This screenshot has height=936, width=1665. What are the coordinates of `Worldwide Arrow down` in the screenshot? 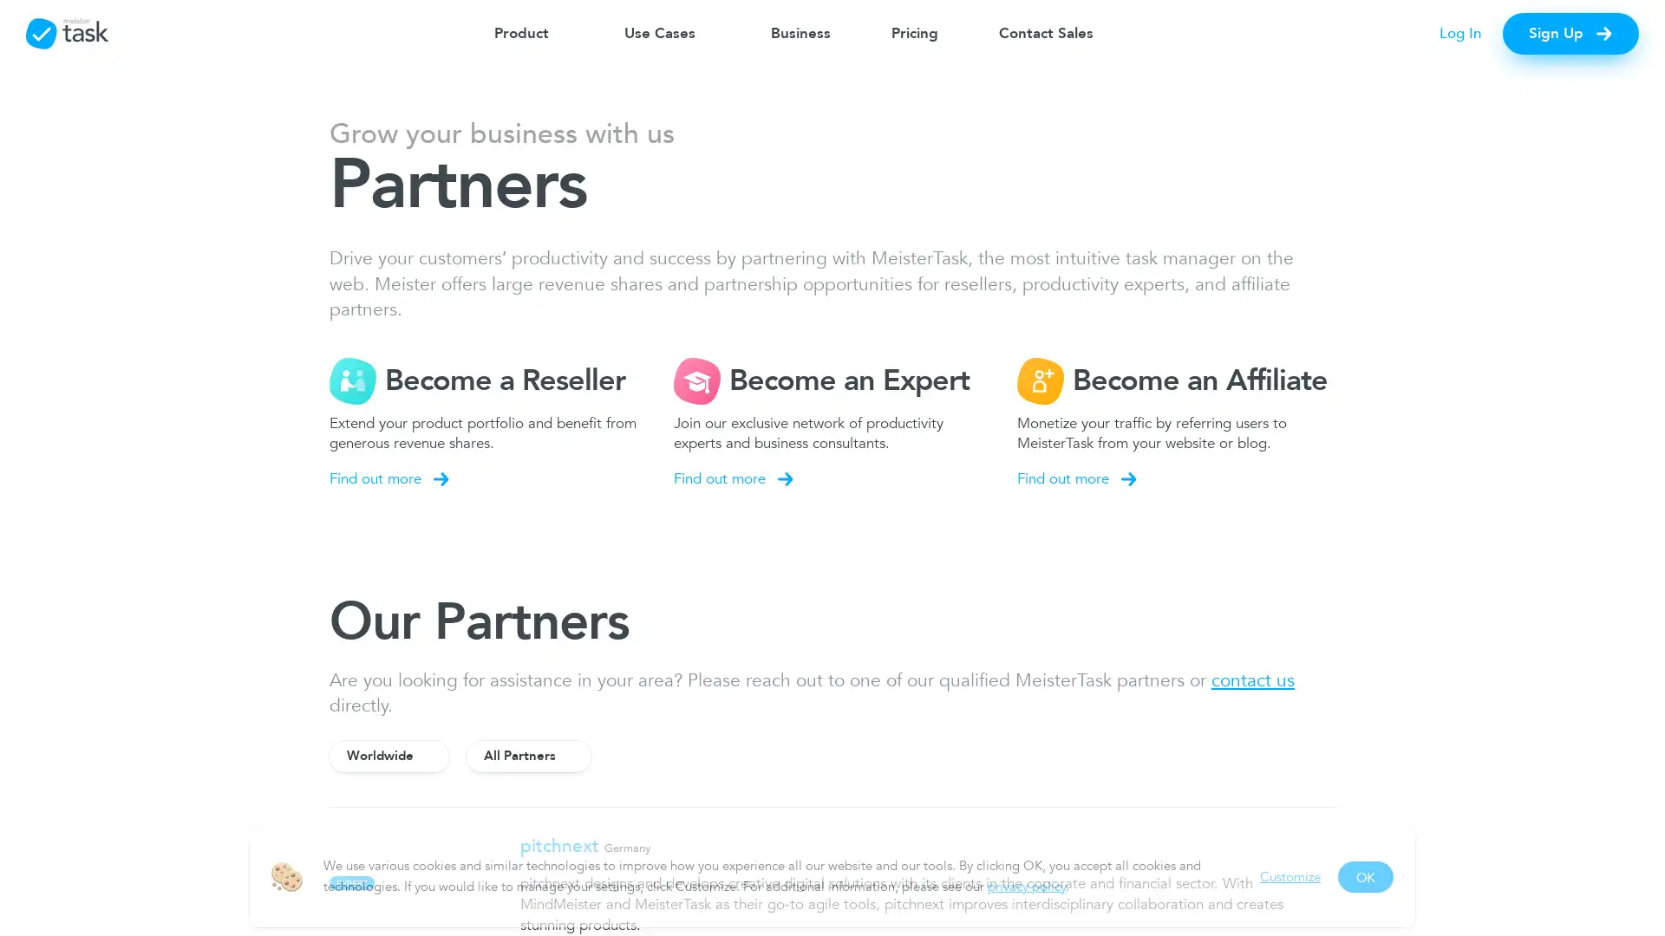 It's located at (388, 754).